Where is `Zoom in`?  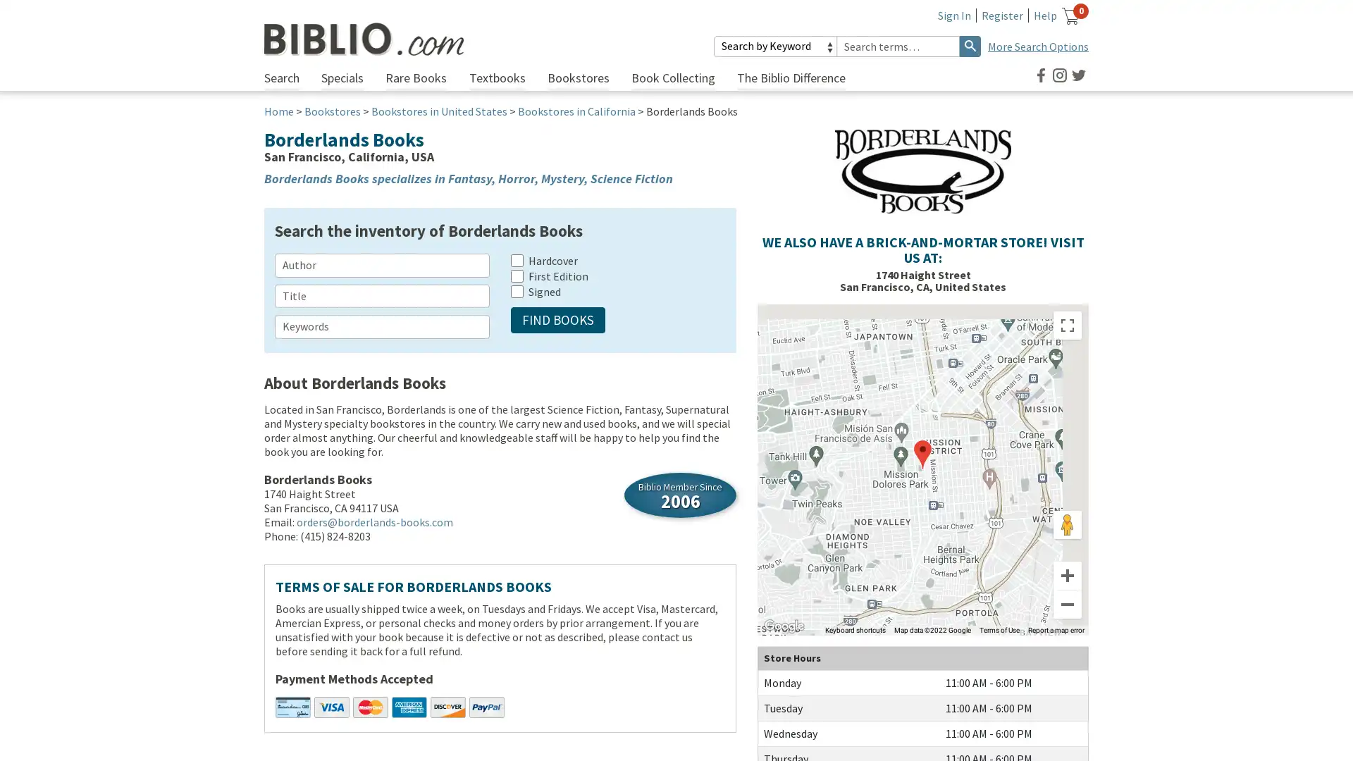
Zoom in is located at coordinates (1068, 576).